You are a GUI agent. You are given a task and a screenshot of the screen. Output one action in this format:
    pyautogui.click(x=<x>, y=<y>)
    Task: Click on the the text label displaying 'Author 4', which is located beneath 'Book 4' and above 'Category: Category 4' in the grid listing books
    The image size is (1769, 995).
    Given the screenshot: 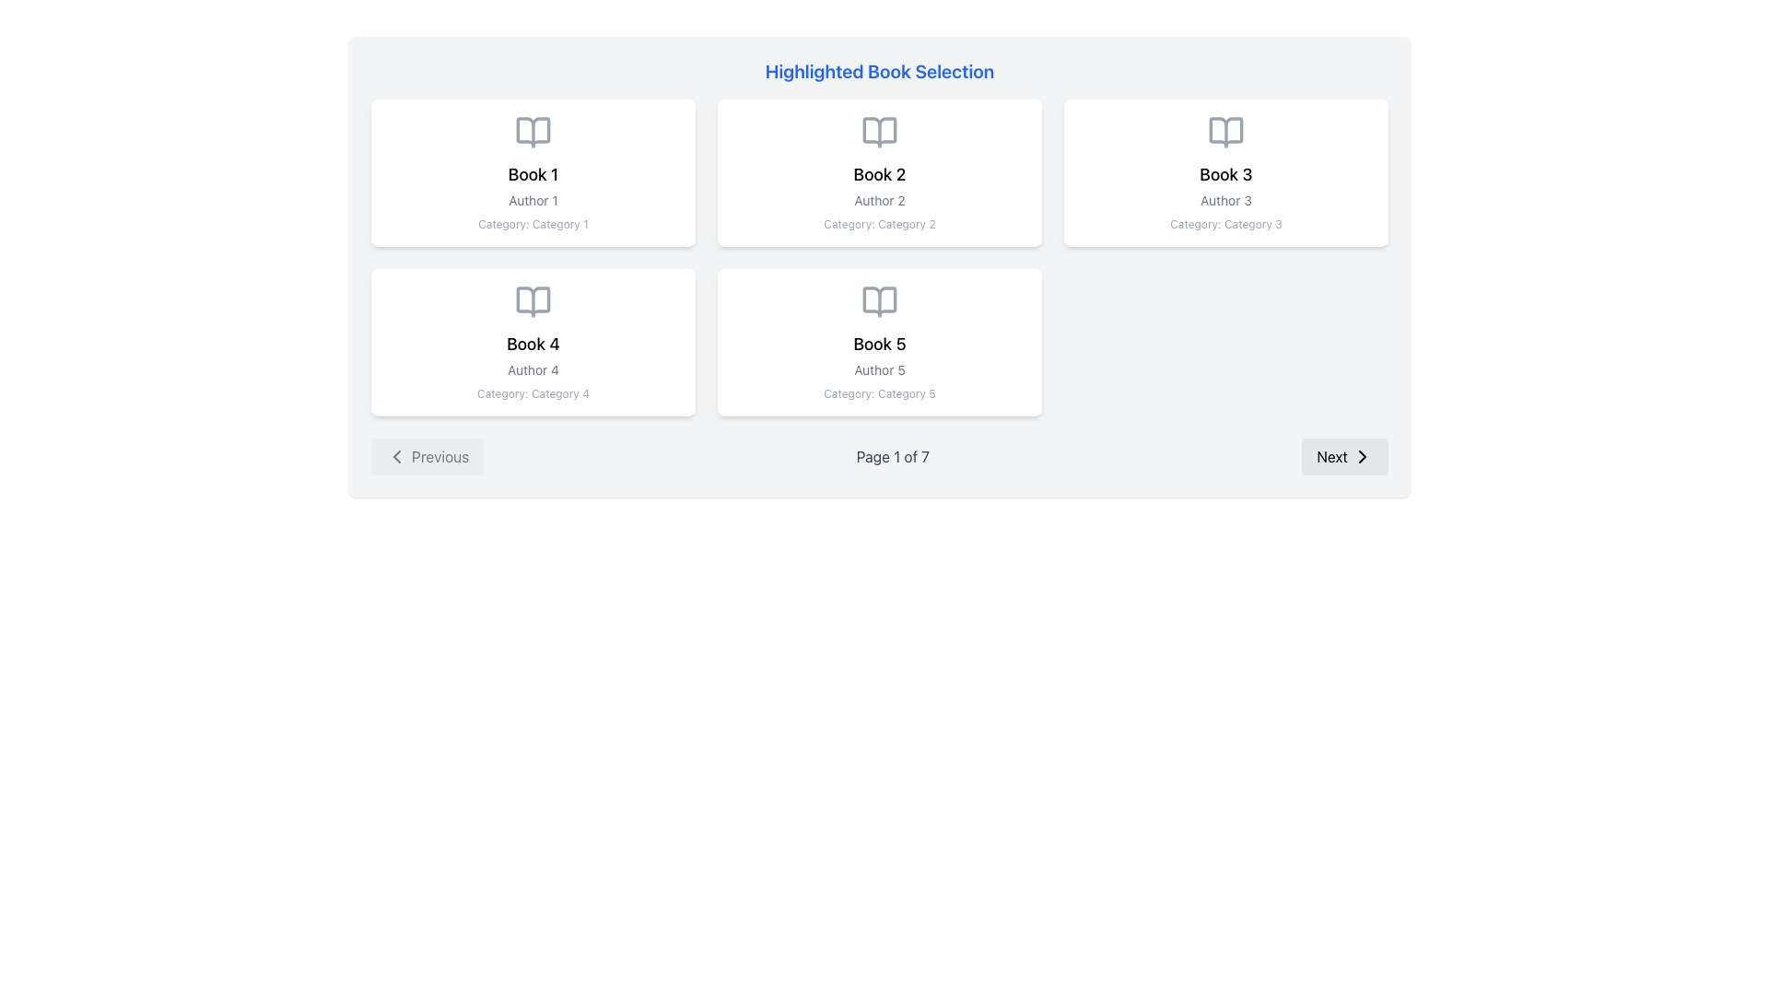 What is the action you would take?
    pyautogui.click(x=533, y=369)
    